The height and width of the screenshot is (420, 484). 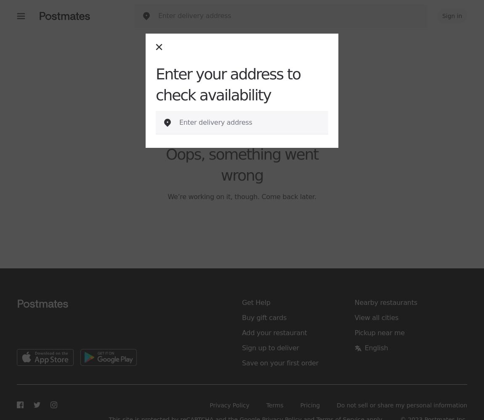 What do you see at coordinates (274, 405) in the screenshot?
I see `'Terms'` at bounding box center [274, 405].